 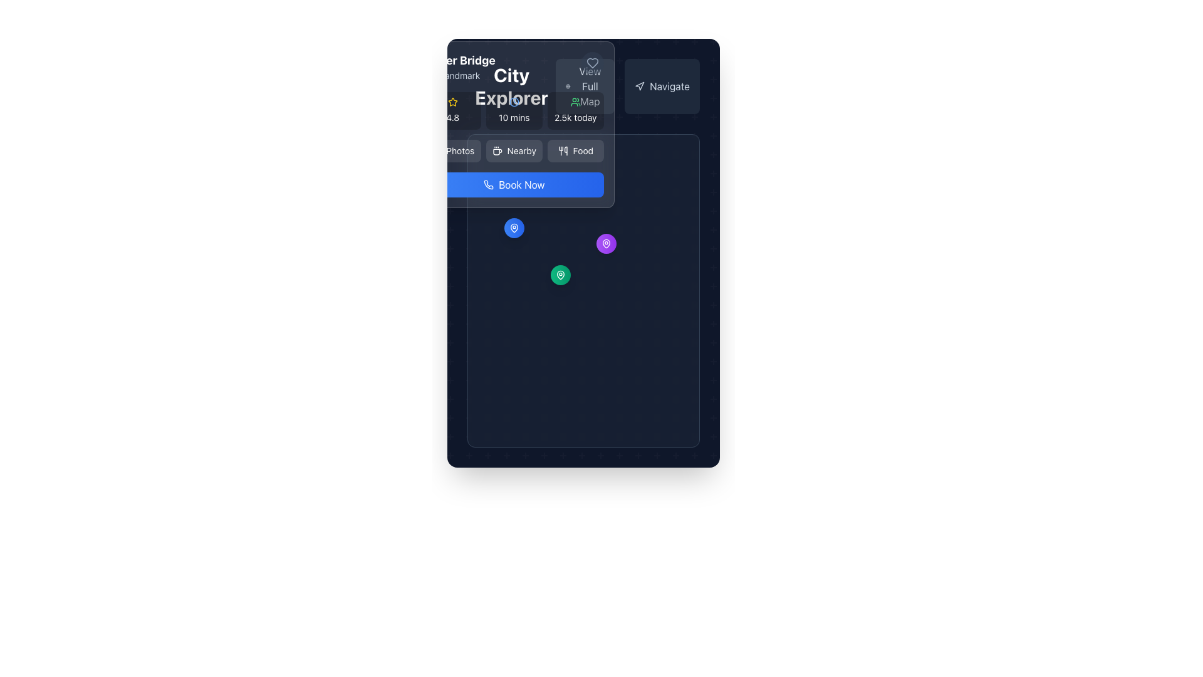 I want to click on the 'View Full Map' button, which features light-colored text on a dark background, so click(x=589, y=86).